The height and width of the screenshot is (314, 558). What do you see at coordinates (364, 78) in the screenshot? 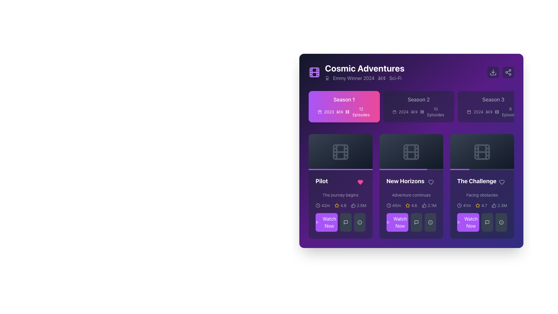
I see `the accolades text element located directly below the title 'Cosmic Adventures', which showcases accolades, year, and genre information` at bounding box center [364, 78].